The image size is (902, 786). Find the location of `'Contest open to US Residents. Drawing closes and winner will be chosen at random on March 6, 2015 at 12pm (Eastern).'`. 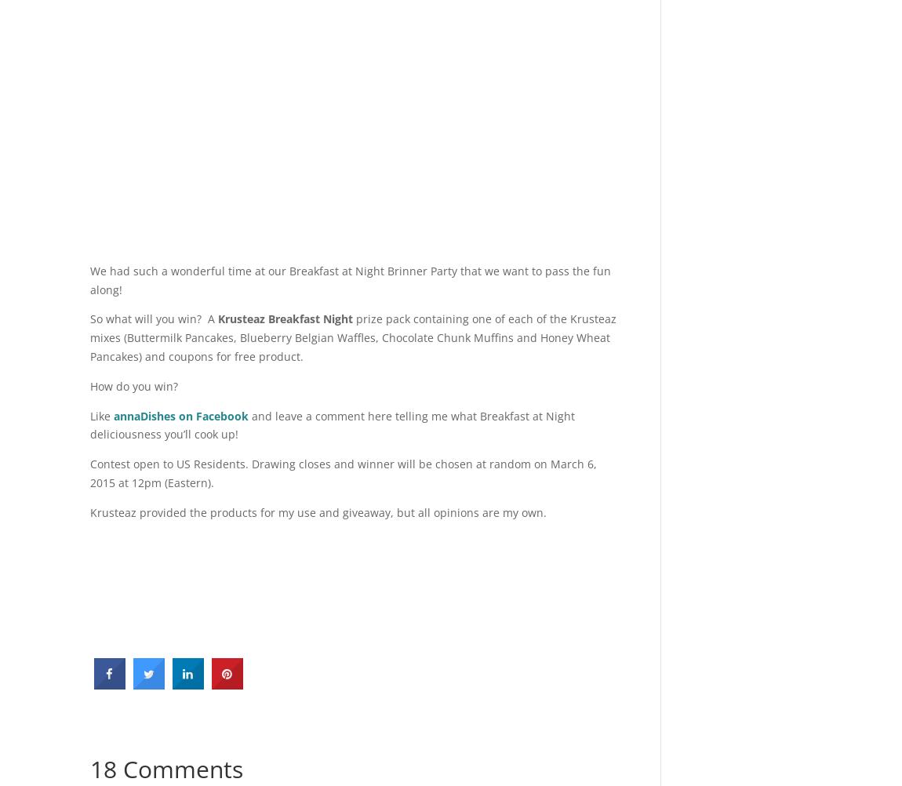

'Contest open to US Residents. Drawing closes and winner will be chosen at random on March 6, 2015 at 12pm (Eastern).' is located at coordinates (89, 472).